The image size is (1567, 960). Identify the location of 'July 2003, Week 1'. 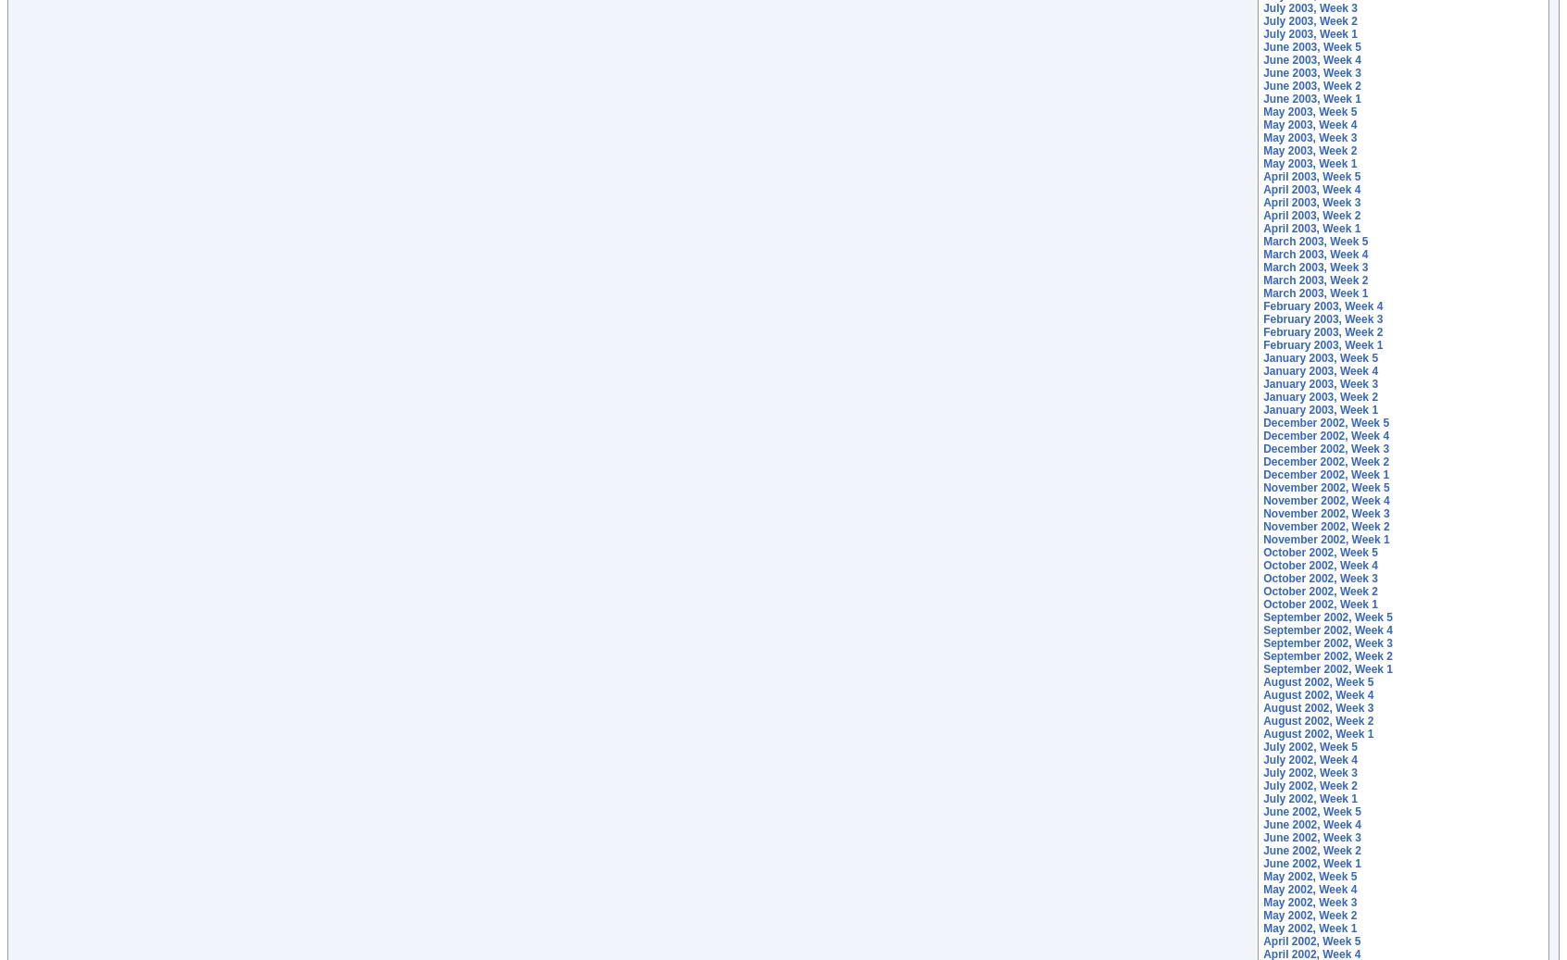
(1310, 33).